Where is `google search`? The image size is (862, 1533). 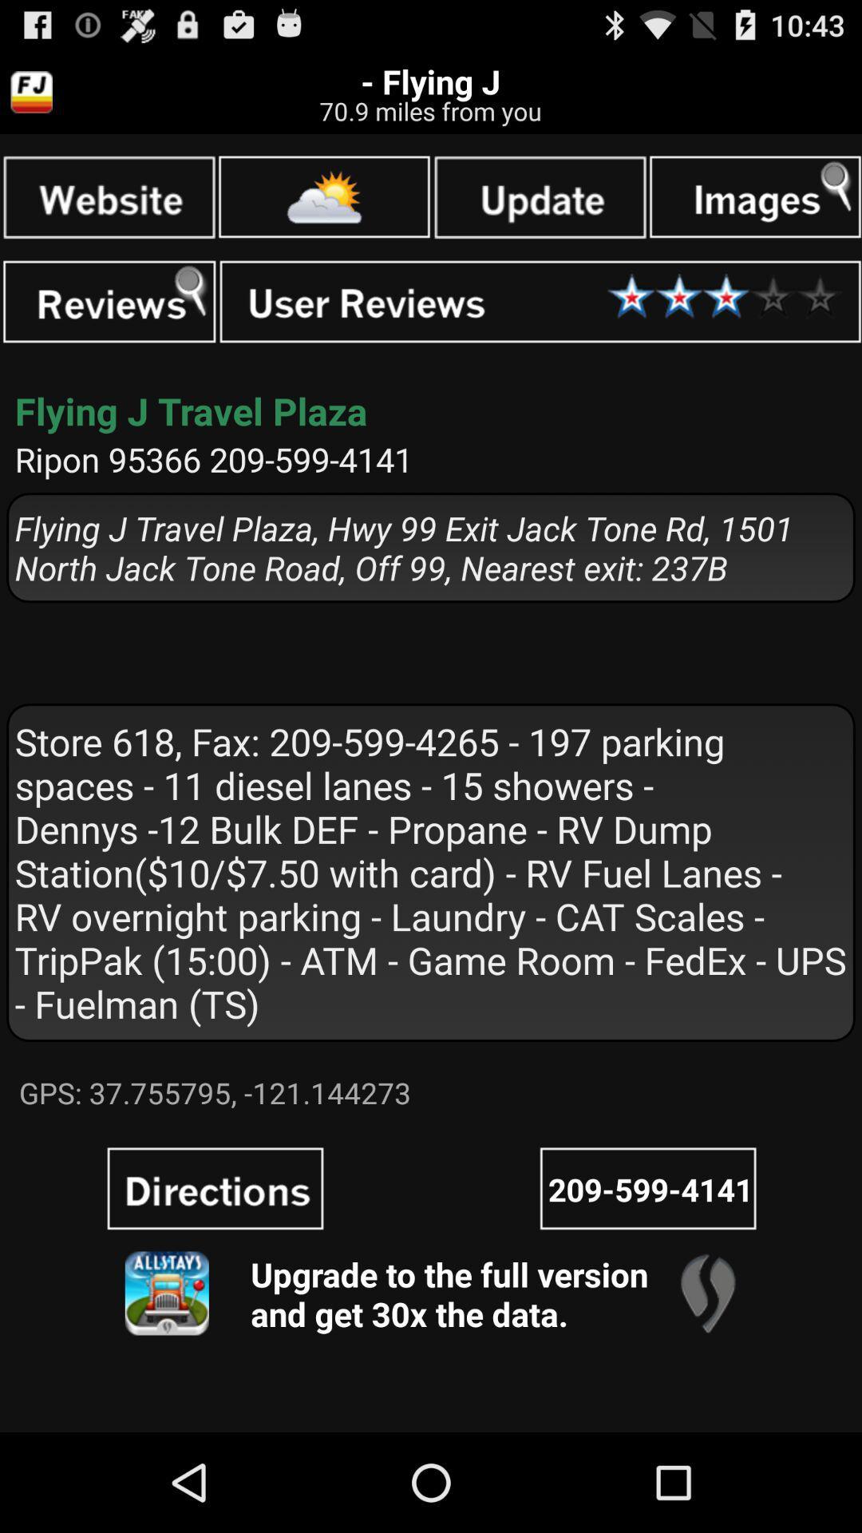
google search is located at coordinates (108, 196).